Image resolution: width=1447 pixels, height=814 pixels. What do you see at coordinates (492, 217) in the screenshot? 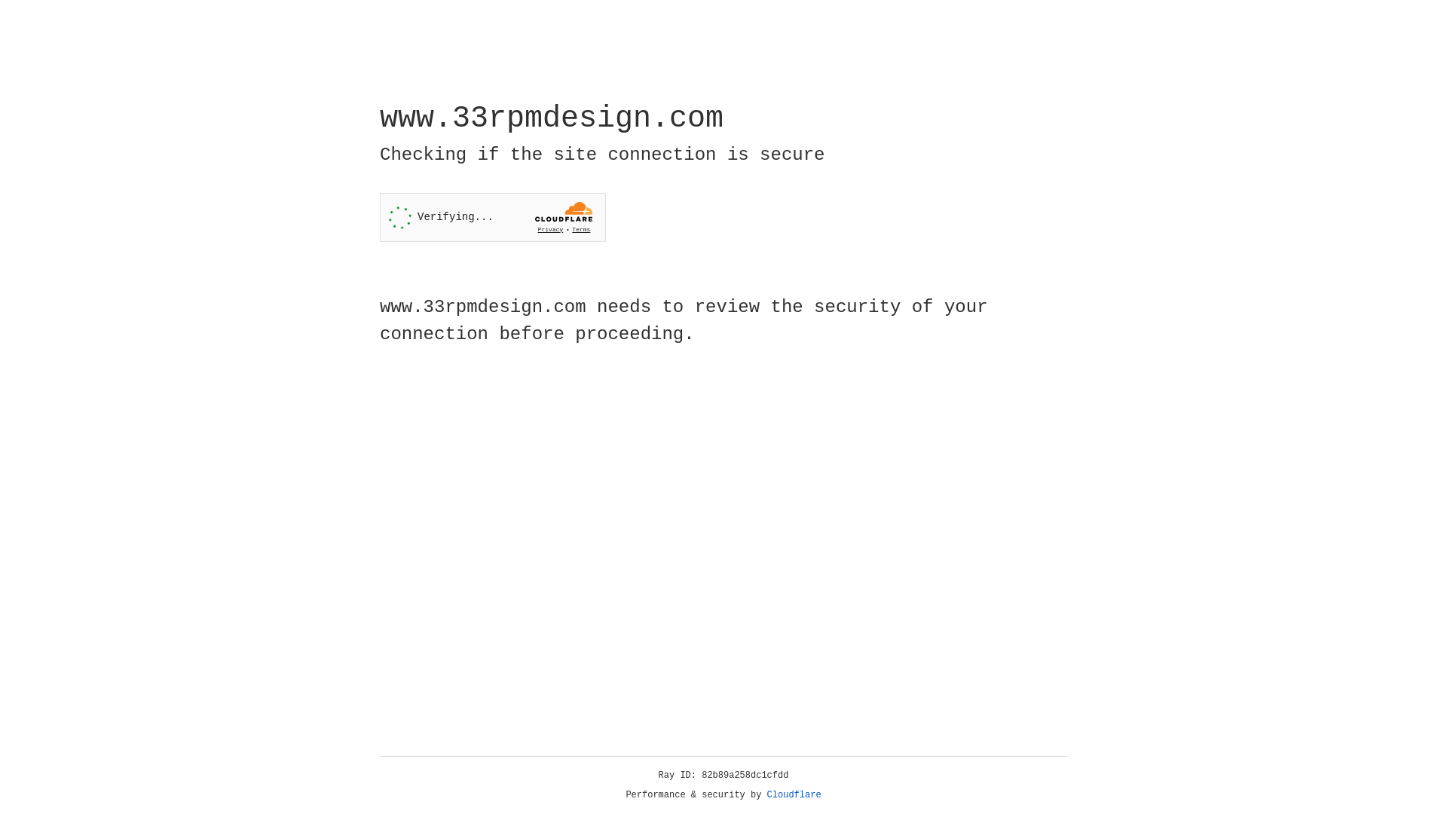
I see `'Widget containing a Cloudflare security challenge'` at bounding box center [492, 217].